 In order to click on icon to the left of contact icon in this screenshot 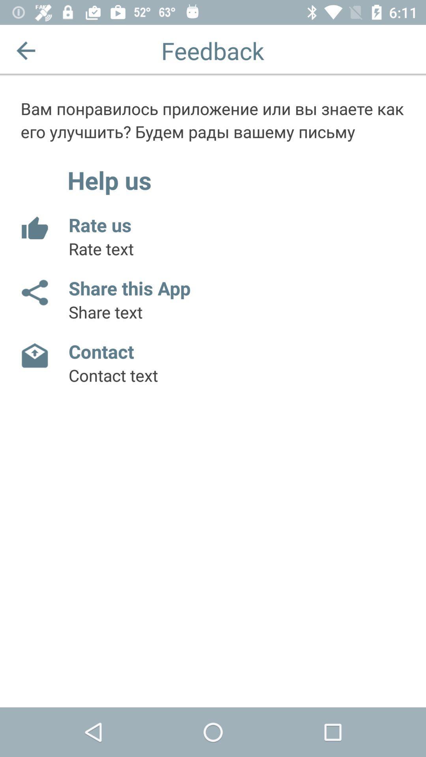, I will do `click(34, 355)`.